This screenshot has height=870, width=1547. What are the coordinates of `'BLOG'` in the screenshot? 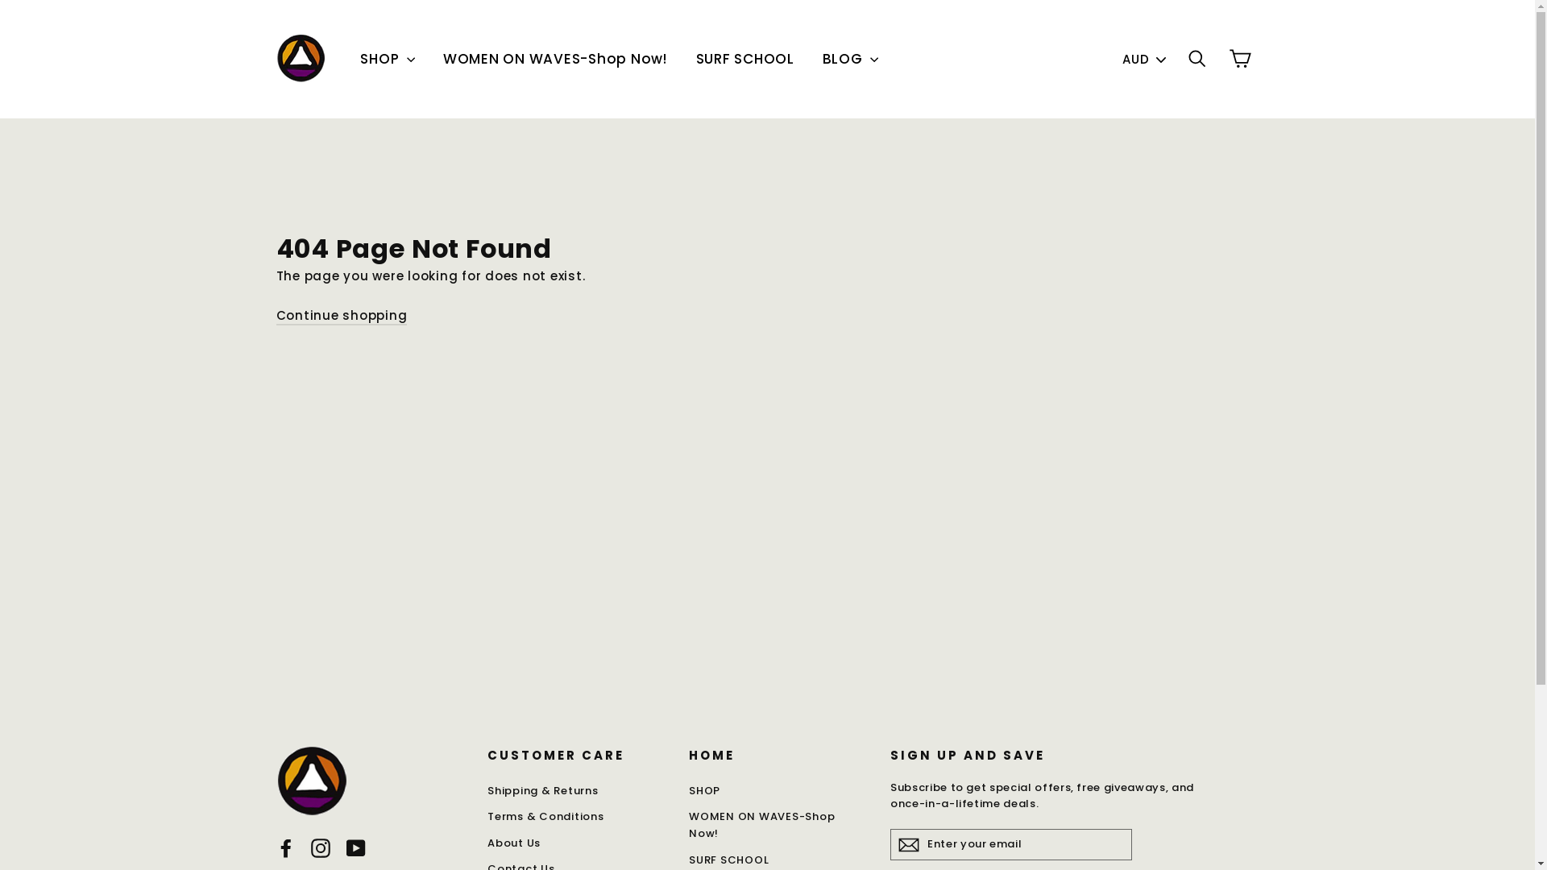 It's located at (850, 58).